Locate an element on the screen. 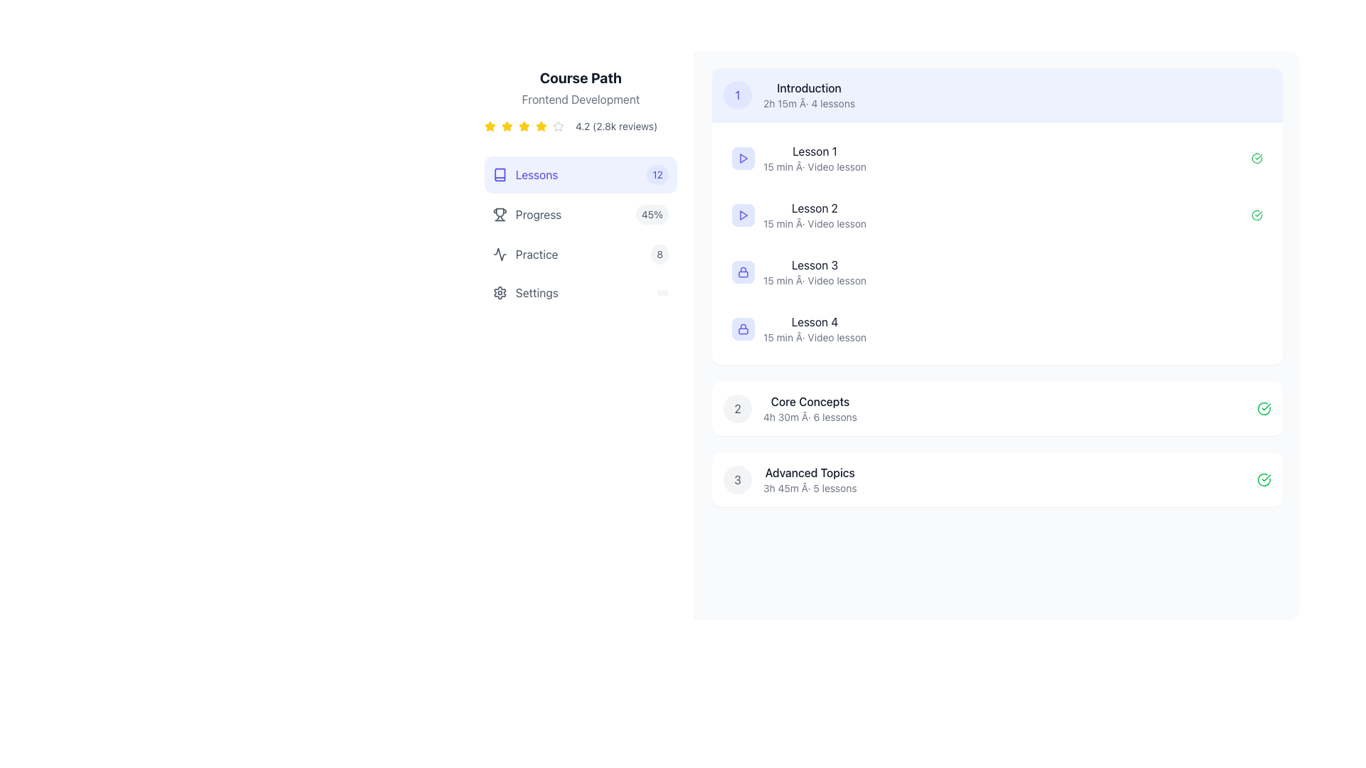 The image size is (1366, 768). the informational Text label displaying metadata about the lesson duration and type, located directly below 'Lesson 1' in the 'Introduction' section is located at coordinates (815, 166).